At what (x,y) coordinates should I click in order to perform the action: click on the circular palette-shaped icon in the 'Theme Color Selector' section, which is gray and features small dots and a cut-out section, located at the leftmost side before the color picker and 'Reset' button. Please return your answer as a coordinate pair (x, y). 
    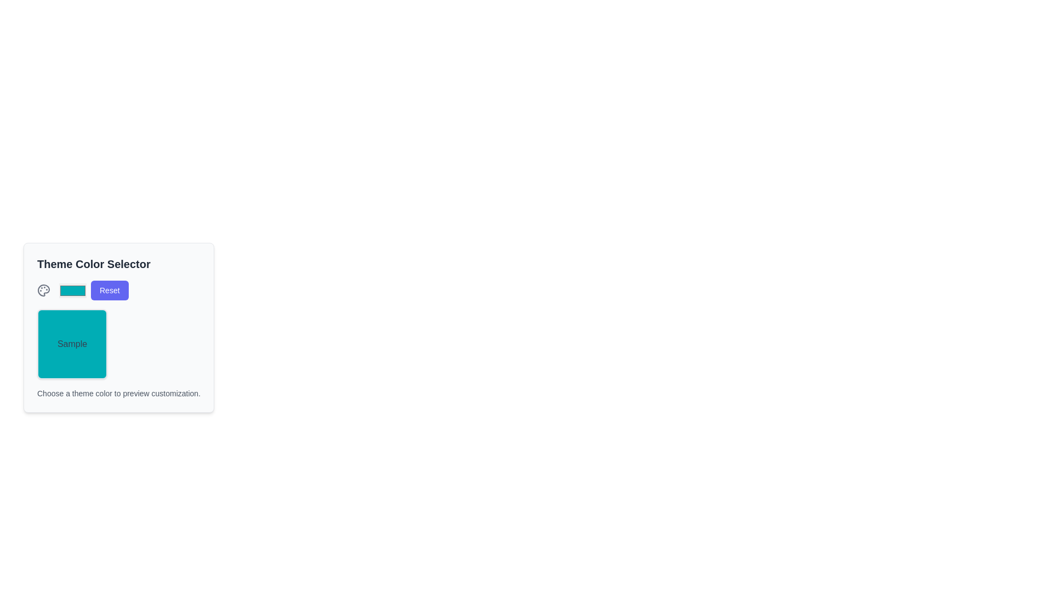
    Looking at the image, I should click on (44, 289).